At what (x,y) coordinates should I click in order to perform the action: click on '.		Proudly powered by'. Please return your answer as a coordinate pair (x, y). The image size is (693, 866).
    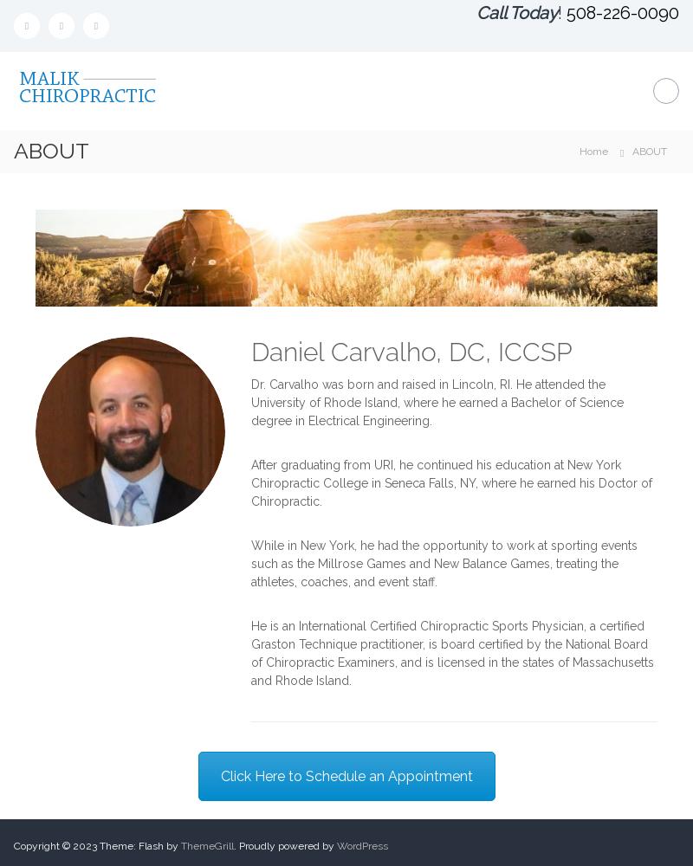
    Looking at the image, I should click on (284, 845).